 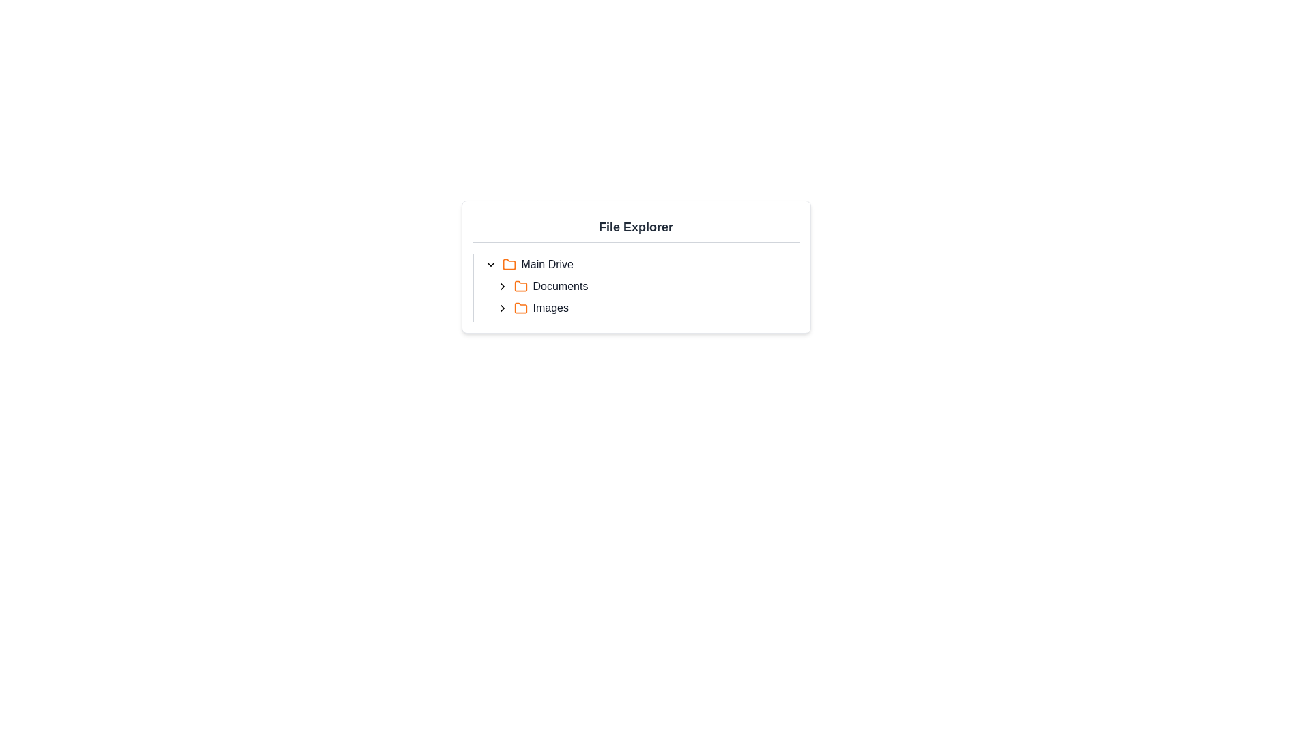 What do you see at coordinates (501, 308) in the screenshot?
I see `the arrow icon next to the 'Images' text` at bounding box center [501, 308].